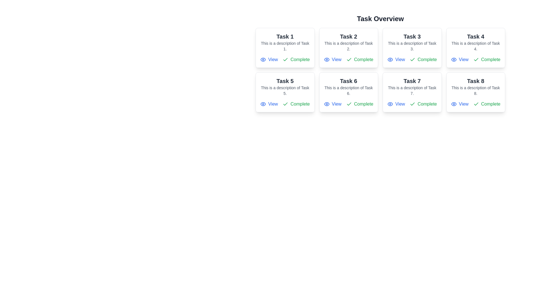 Image resolution: width=541 pixels, height=304 pixels. What do you see at coordinates (285, 60) in the screenshot?
I see `the 'View' and 'Complete' buttons within the Clickable action group under 'Task 1'` at bounding box center [285, 60].